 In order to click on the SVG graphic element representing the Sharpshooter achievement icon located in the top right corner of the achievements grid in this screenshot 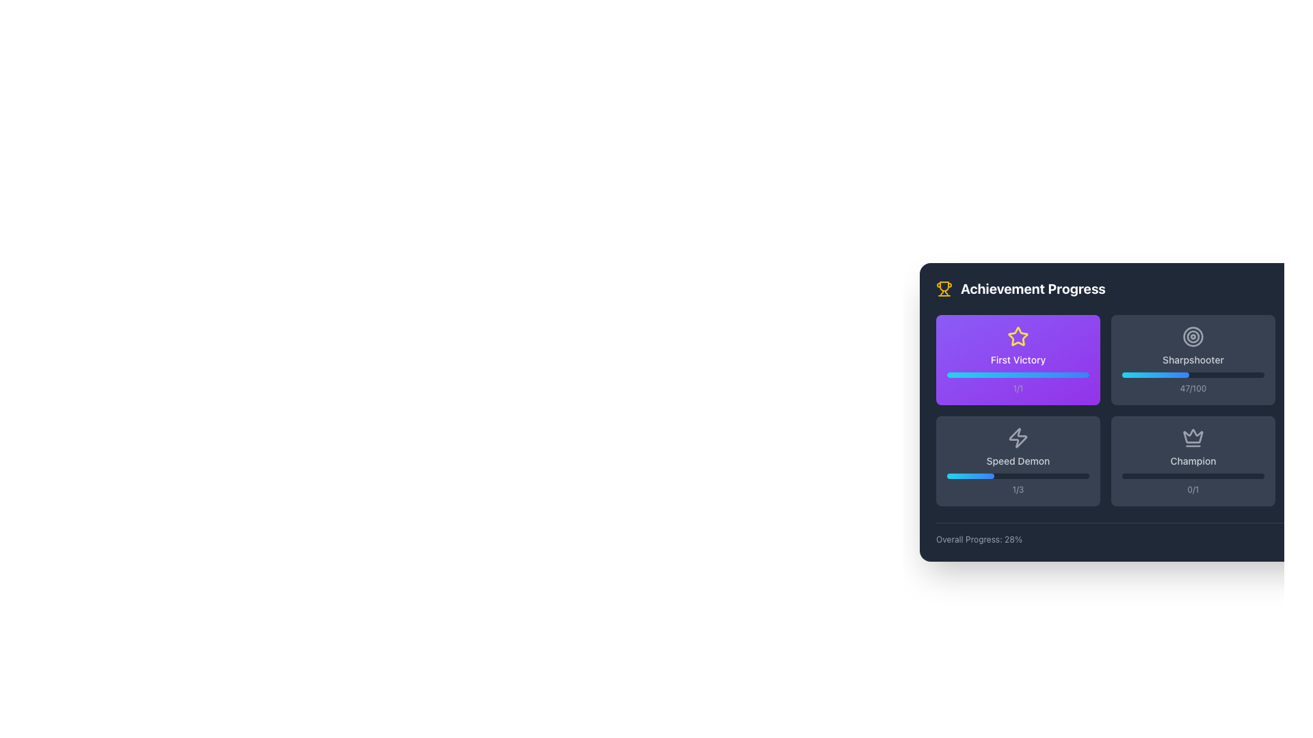, I will do `click(1193, 337)`.